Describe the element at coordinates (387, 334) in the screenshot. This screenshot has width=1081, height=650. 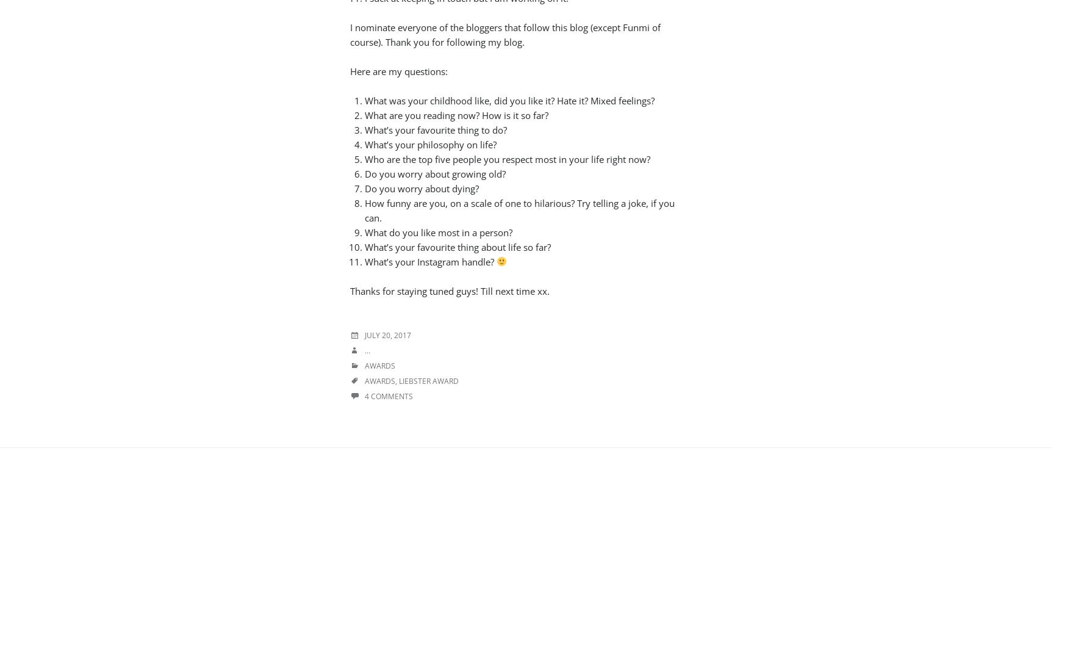
I see `'July 20, 2017'` at that location.